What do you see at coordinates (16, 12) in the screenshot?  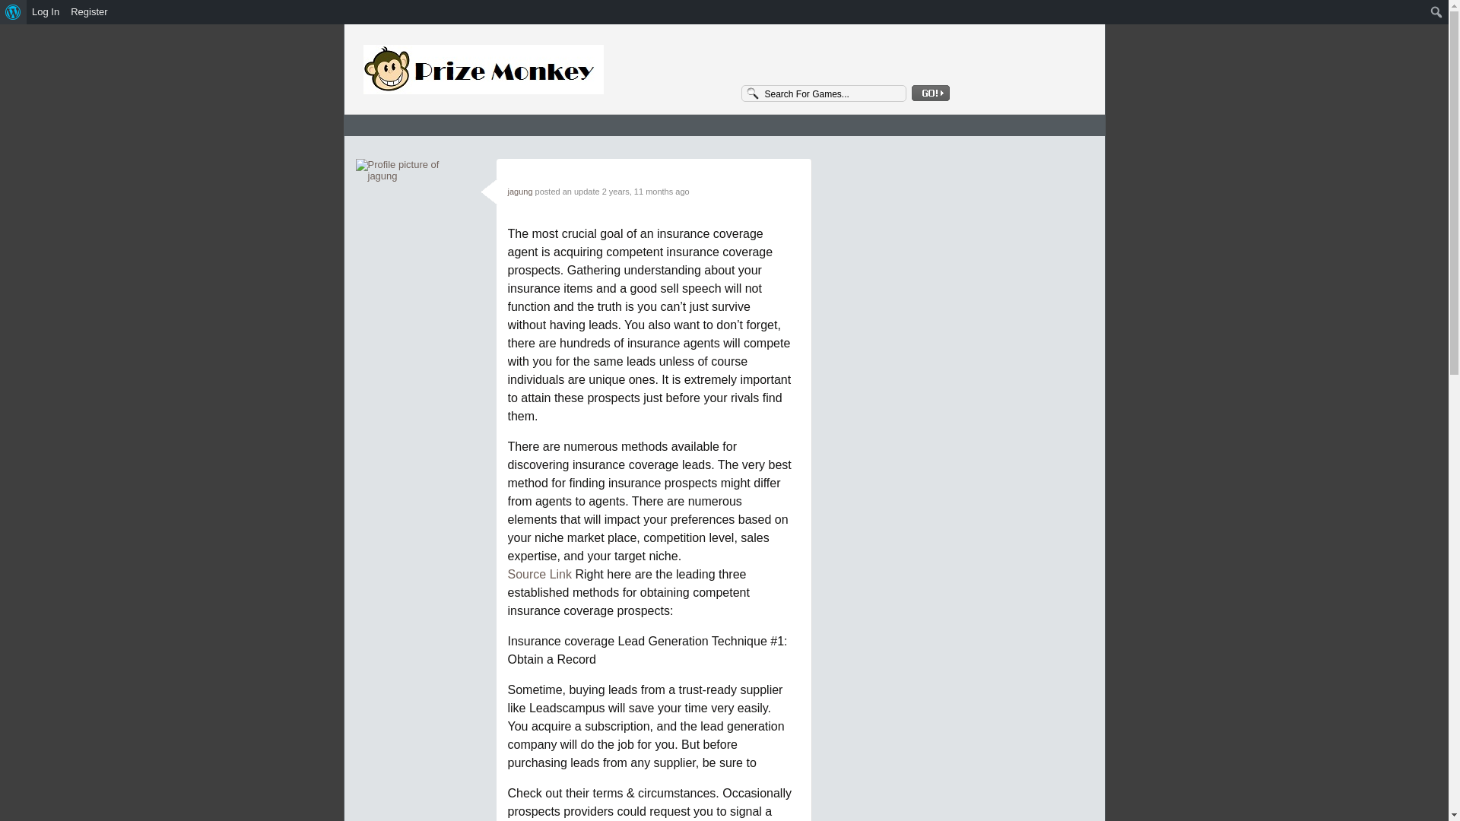 I see `'Search'` at bounding box center [16, 12].